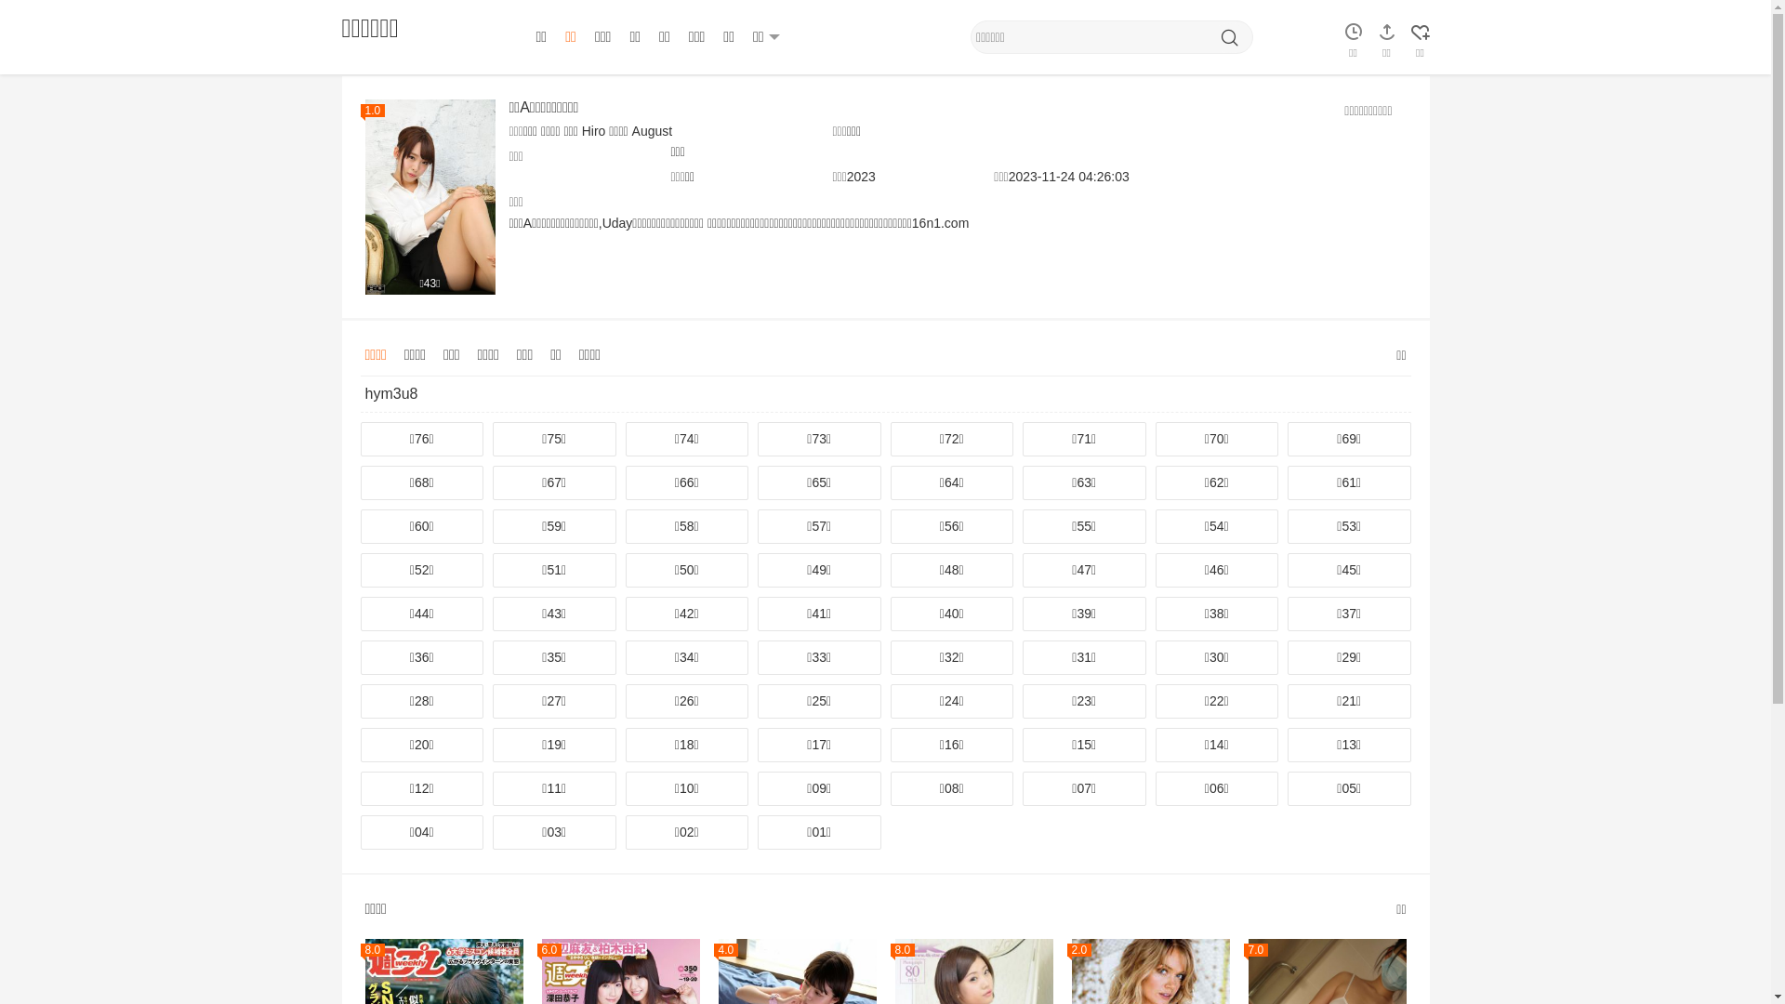 The height and width of the screenshot is (1004, 1785). Describe the element at coordinates (592, 130) in the screenshot. I see `'Hiro'` at that location.